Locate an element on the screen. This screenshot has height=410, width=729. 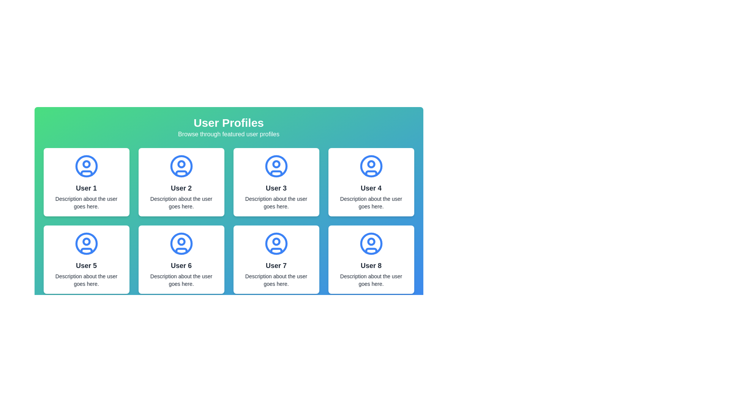
the SVG Circle element that represents the outer border of the user profile icon for User 1 in the top-left user card is located at coordinates (86, 166).